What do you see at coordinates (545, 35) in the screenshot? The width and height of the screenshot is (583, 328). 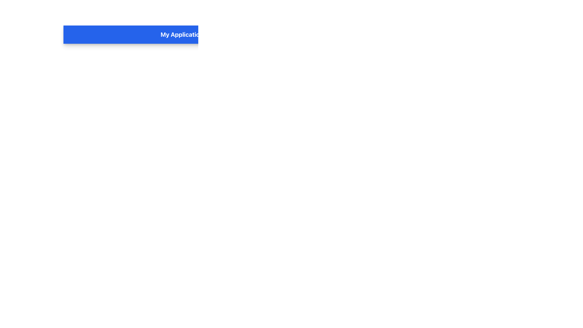 I see `the user account profile icon located at the top-right corner of the interface` at bounding box center [545, 35].